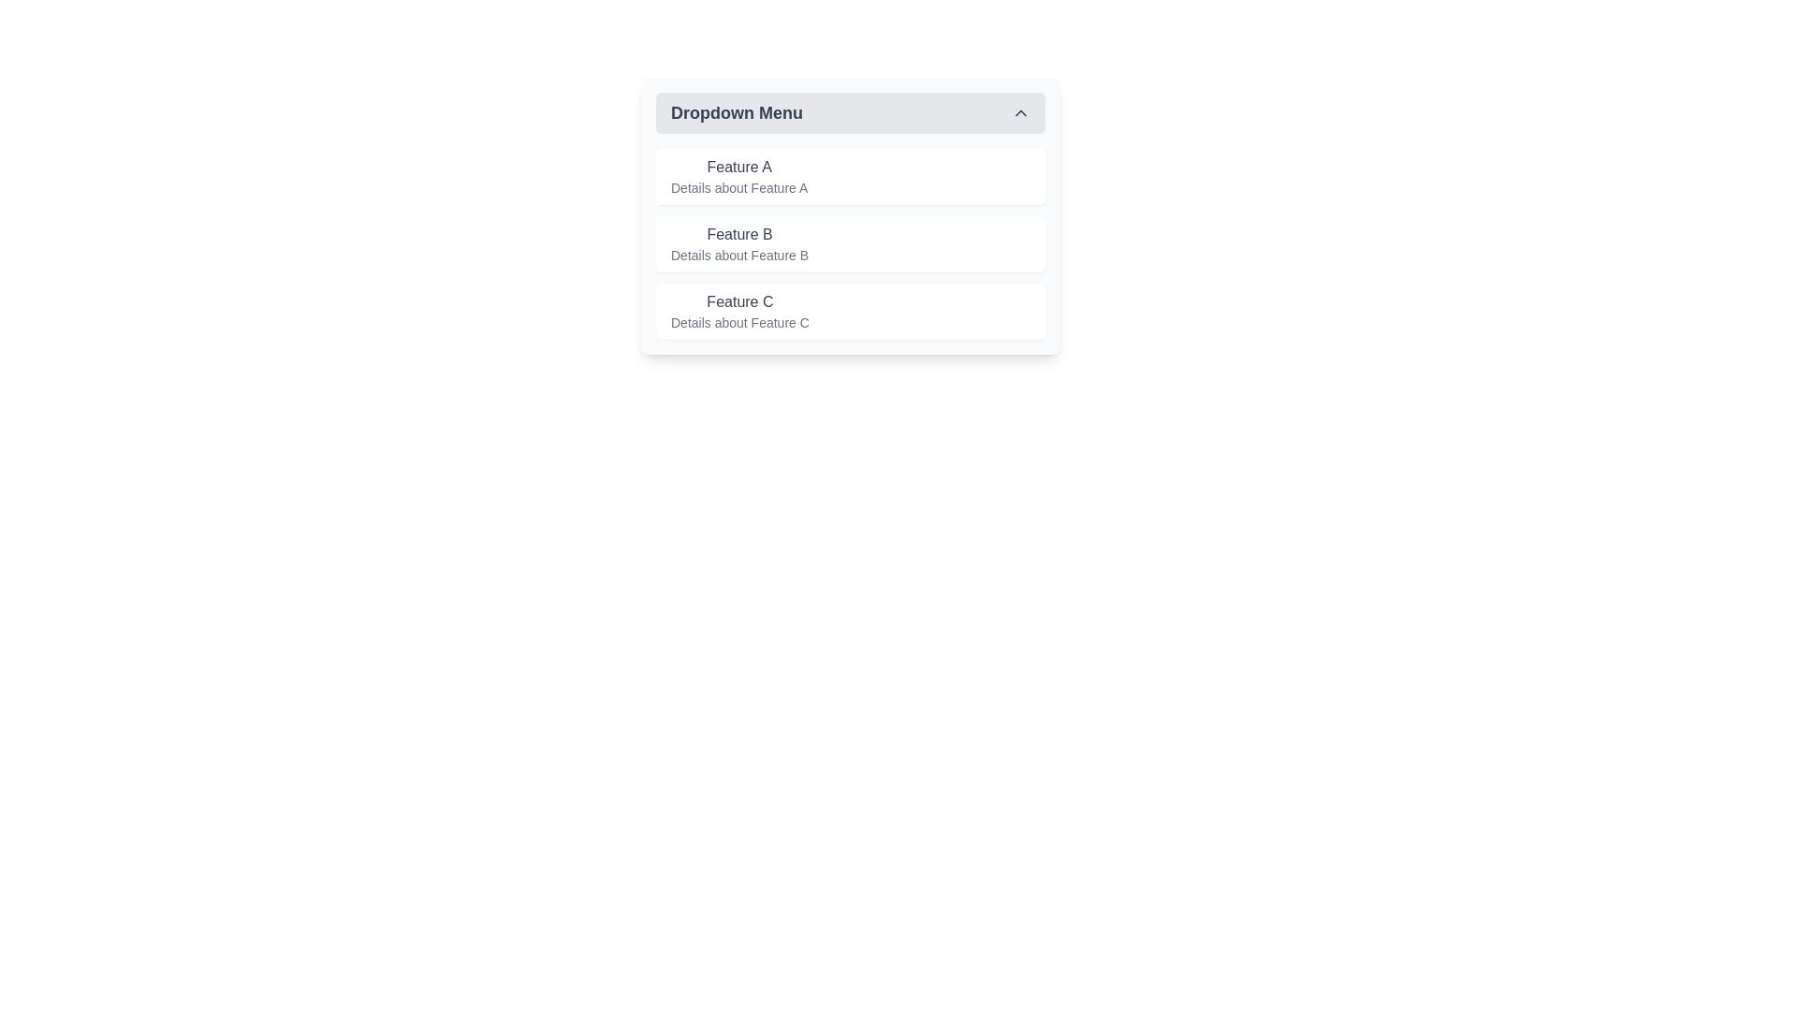 The height and width of the screenshot is (1011, 1797). What do you see at coordinates (849, 243) in the screenshot?
I see `the Informational block that displays details about 'Feature B', which is positioned below the 'Dropdown Menu' title and between the blocks 'Feature A' and 'Feature C'` at bounding box center [849, 243].